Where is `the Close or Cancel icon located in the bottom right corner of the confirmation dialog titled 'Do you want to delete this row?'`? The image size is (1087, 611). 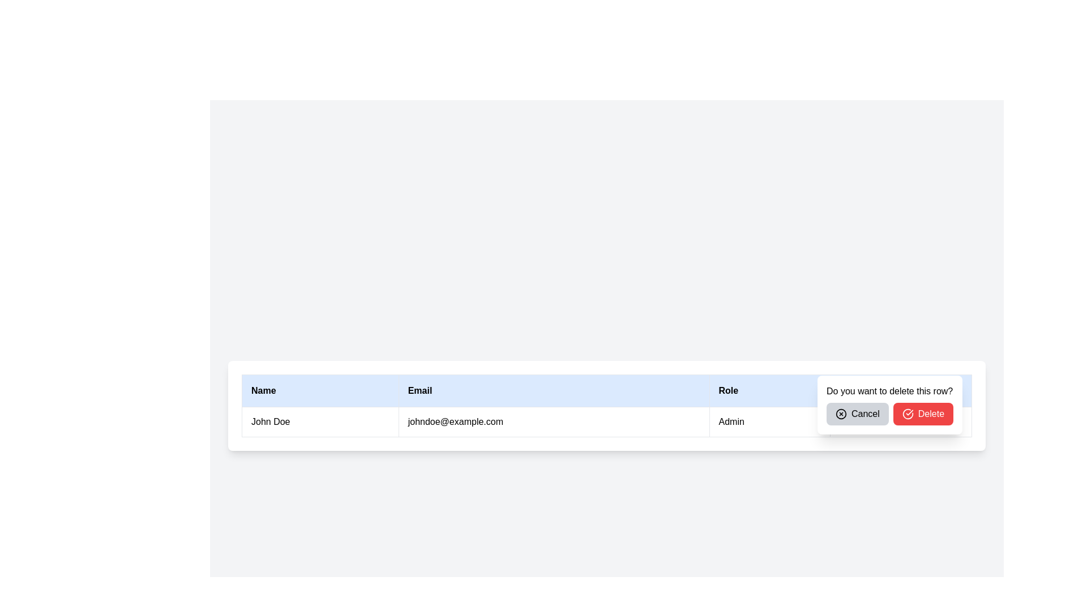
the Close or Cancel icon located in the bottom right corner of the confirmation dialog titled 'Do you want to delete this row?' is located at coordinates (841, 414).